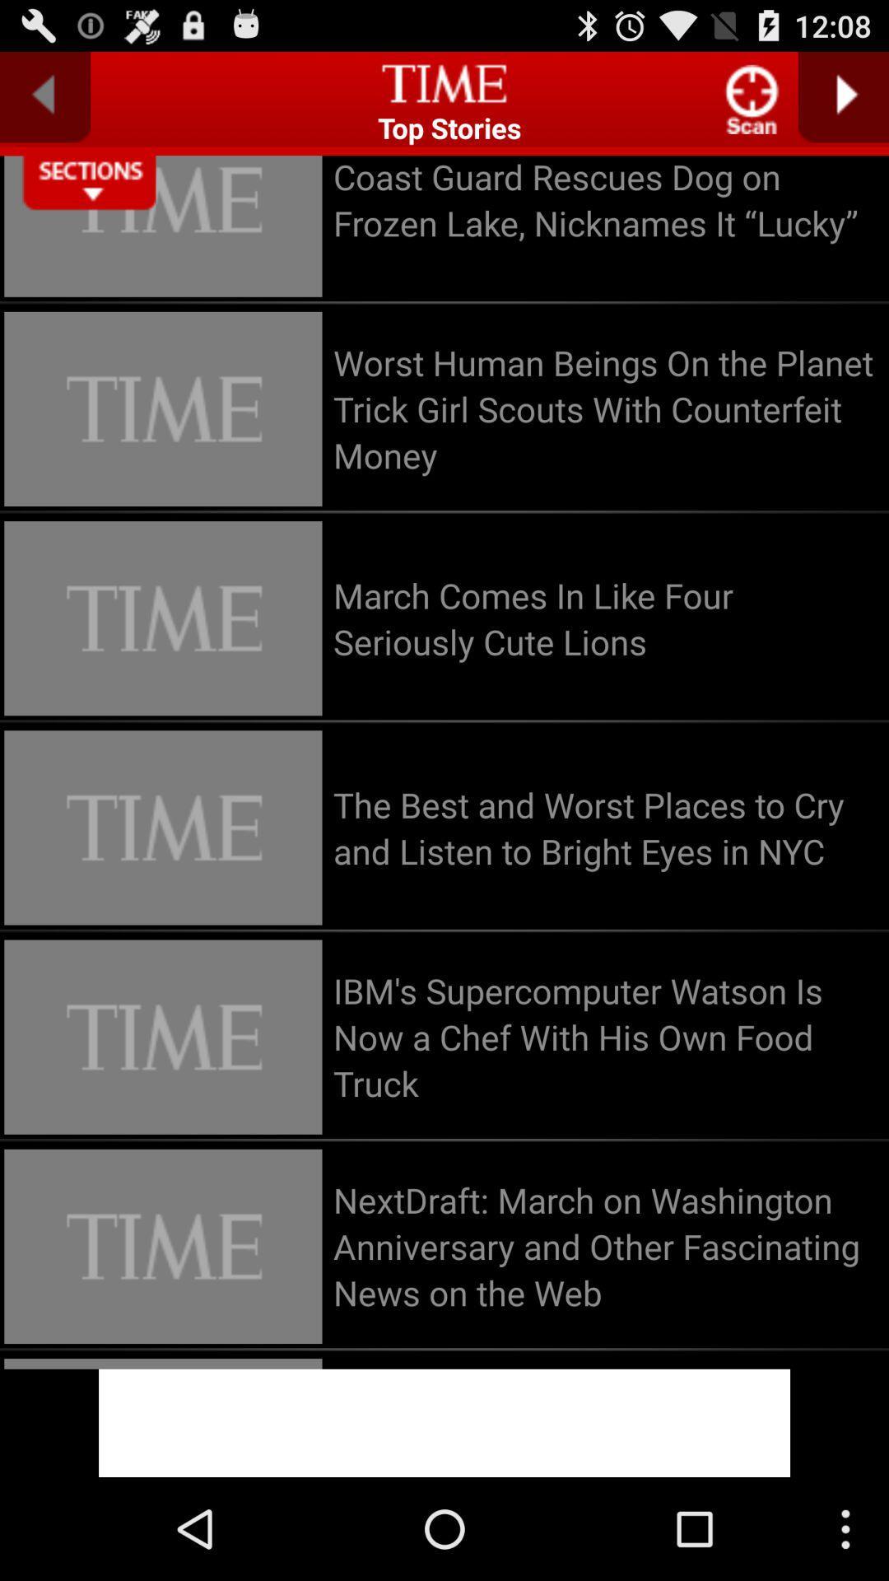  What do you see at coordinates (44, 96) in the screenshot?
I see `go back` at bounding box center [44, 96].